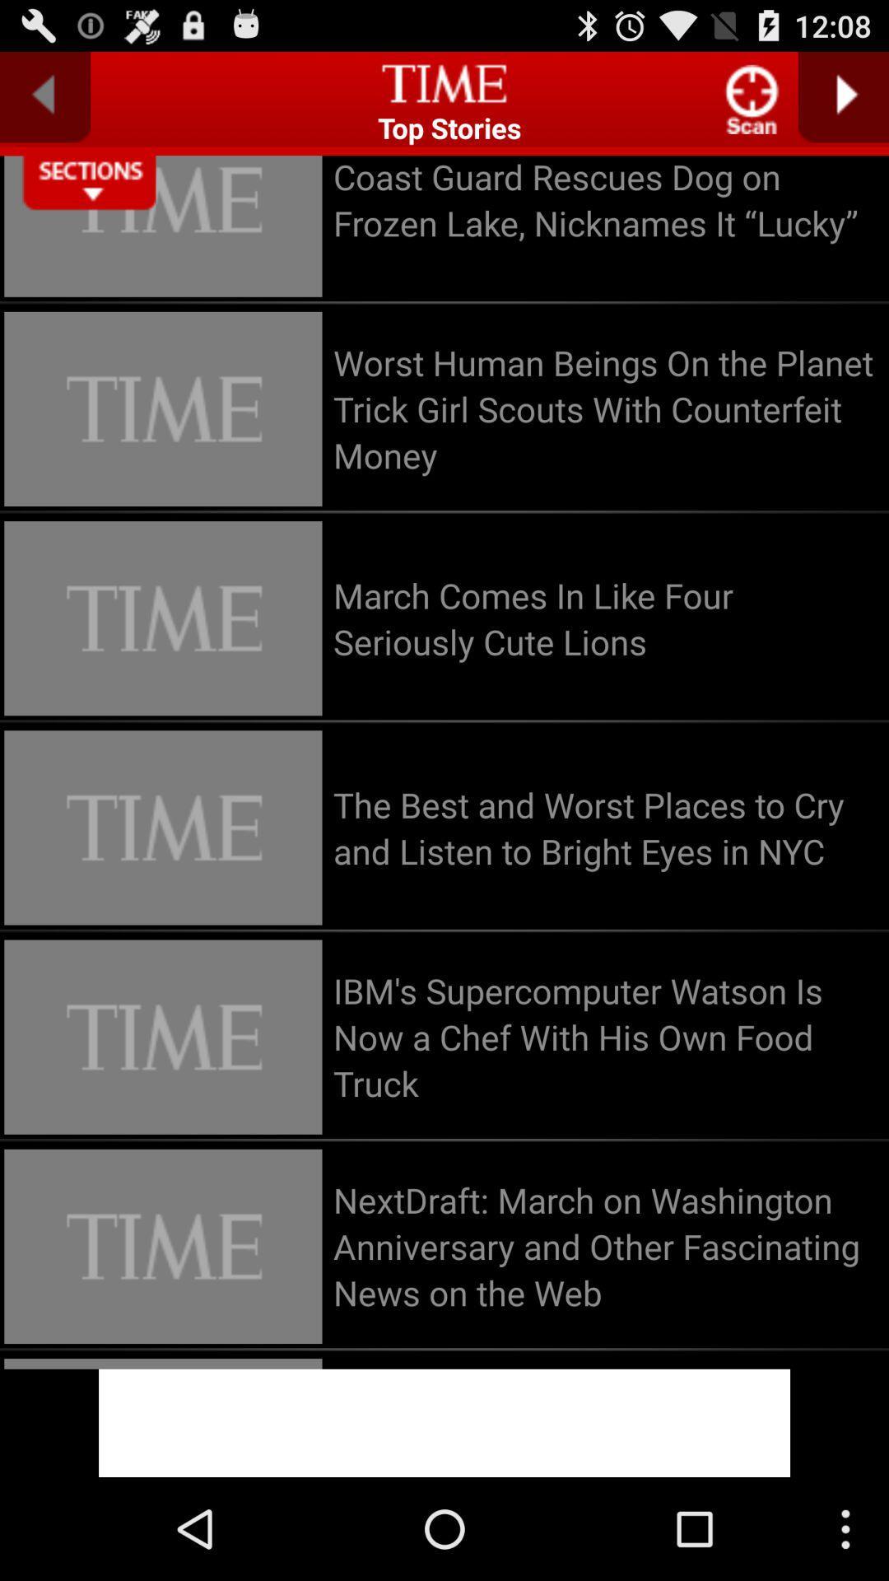  What do you see at coordinates (44, 96) in the screenshot?
I see `go back` at bounding box center [44, 96].